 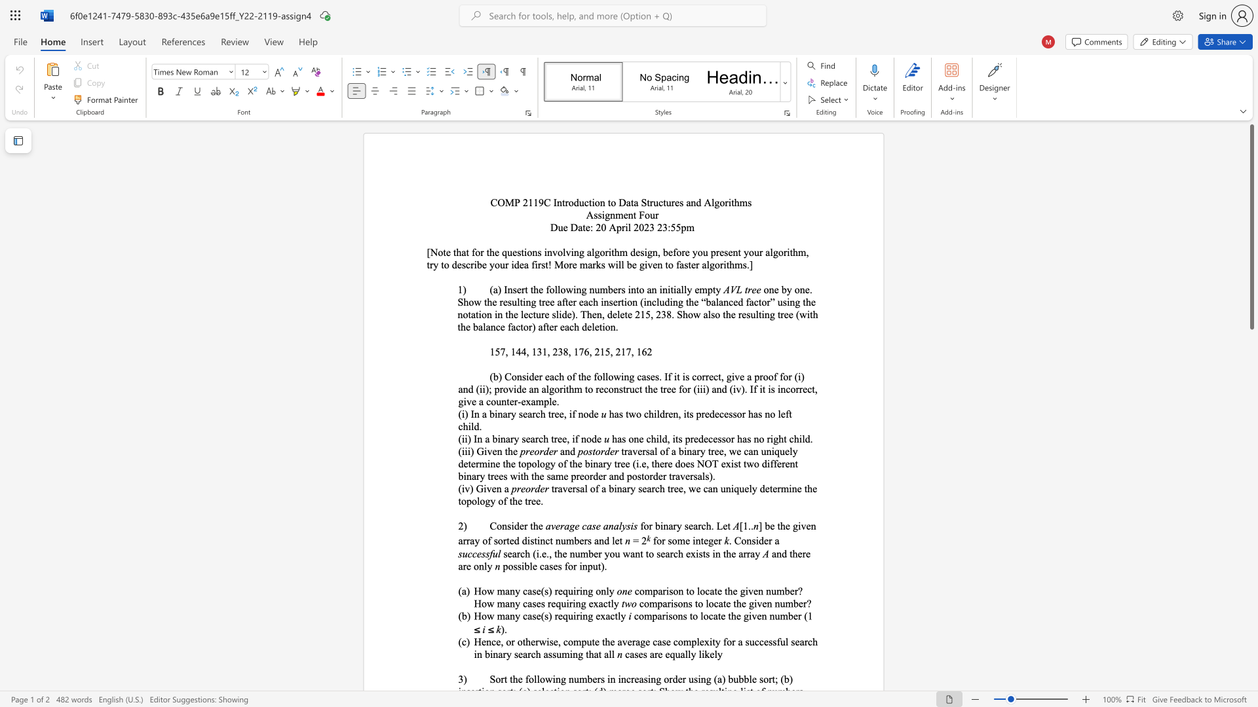 What do you see at coordinates (710, 541) in the screenshot?
I see `the 1th character "g" in the text` at bounding box center [710, 541].